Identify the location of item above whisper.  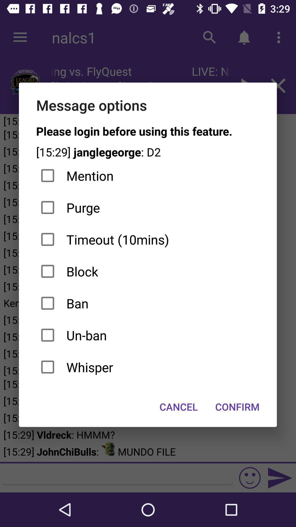
(147, 335).